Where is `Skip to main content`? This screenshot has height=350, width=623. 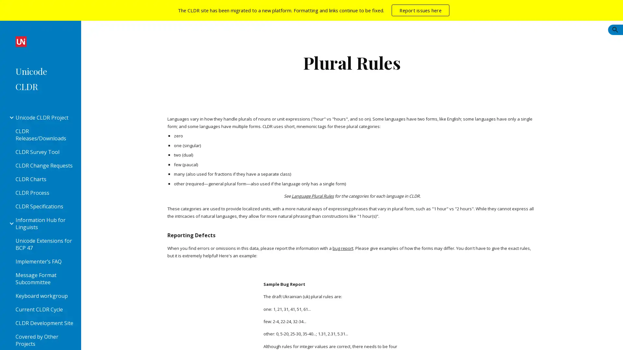
Skip to main content is located at coordinates (255, 12).